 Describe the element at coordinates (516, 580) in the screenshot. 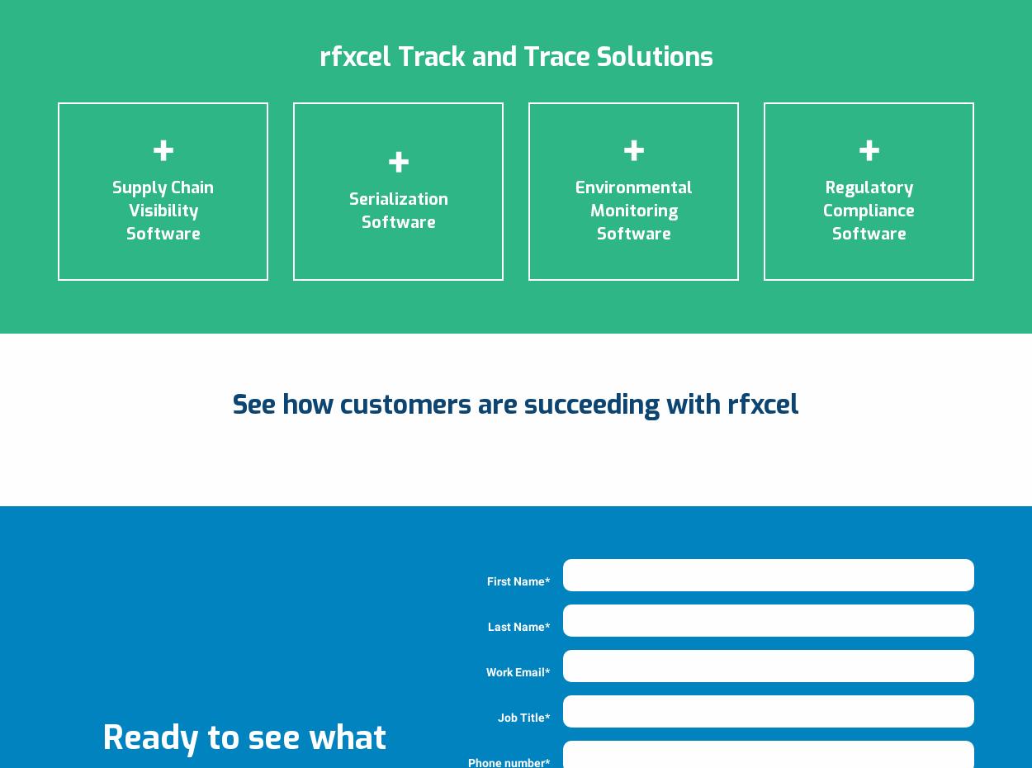

I see `'First Name'` at that location.